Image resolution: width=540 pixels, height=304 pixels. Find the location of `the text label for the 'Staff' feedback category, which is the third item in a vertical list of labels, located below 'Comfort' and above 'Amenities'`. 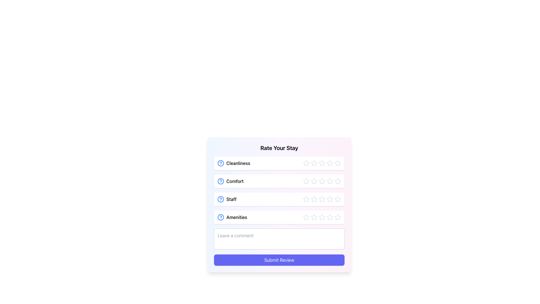

the text label for the 'Staff' feedback category, which is the third item in a vertical list of labels, located below 'Comfort' and above 'Amenities' is located at coordinates (227, 199).